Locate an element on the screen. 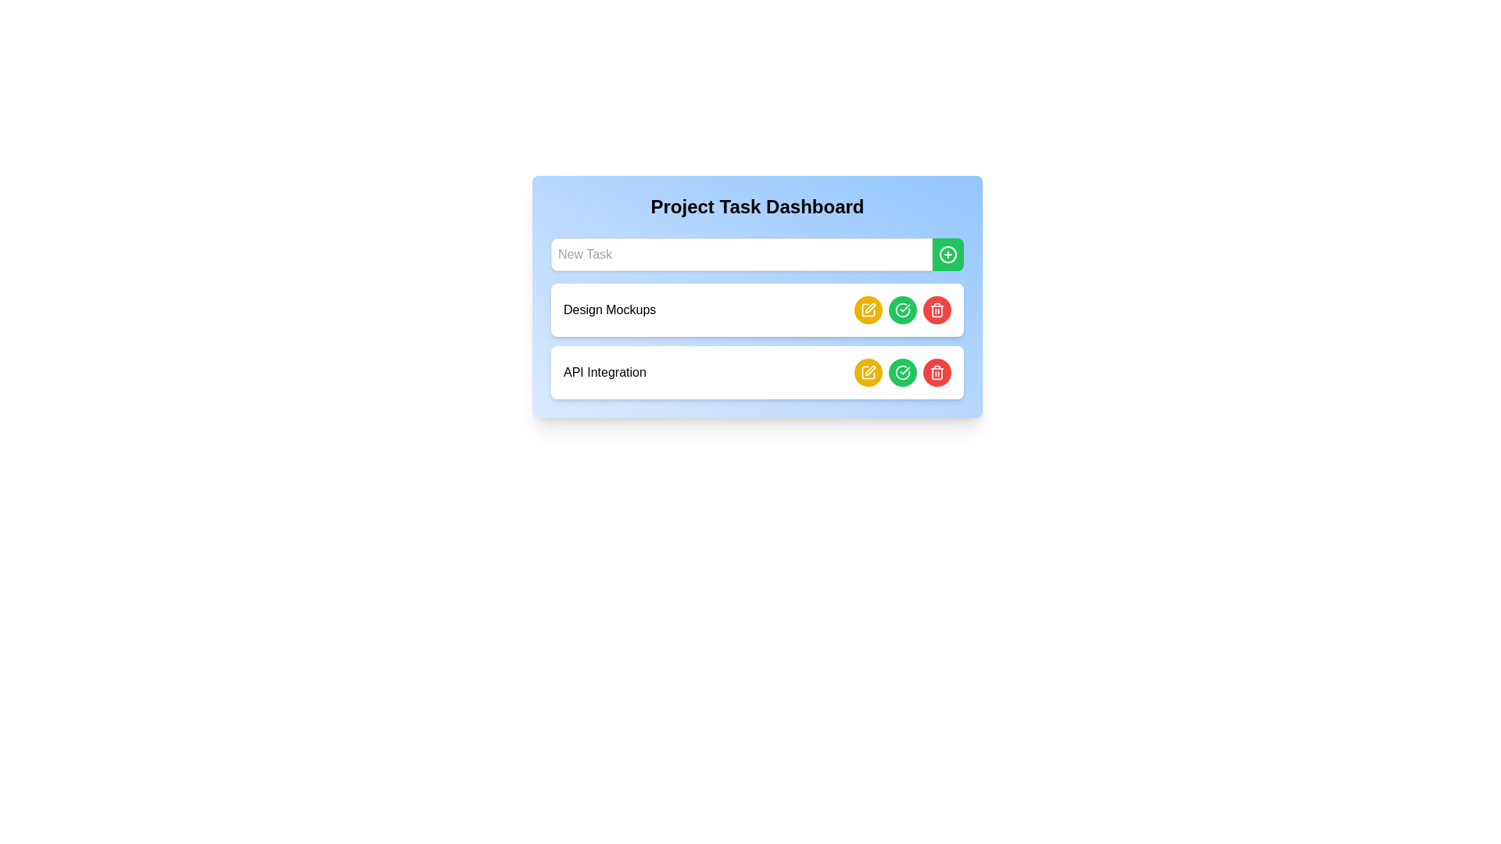  the yellow icon button resembling a square with a downward stroke, located in the second task item row to the left of the green circular checkmark icon is located at coordinates (867, 310).